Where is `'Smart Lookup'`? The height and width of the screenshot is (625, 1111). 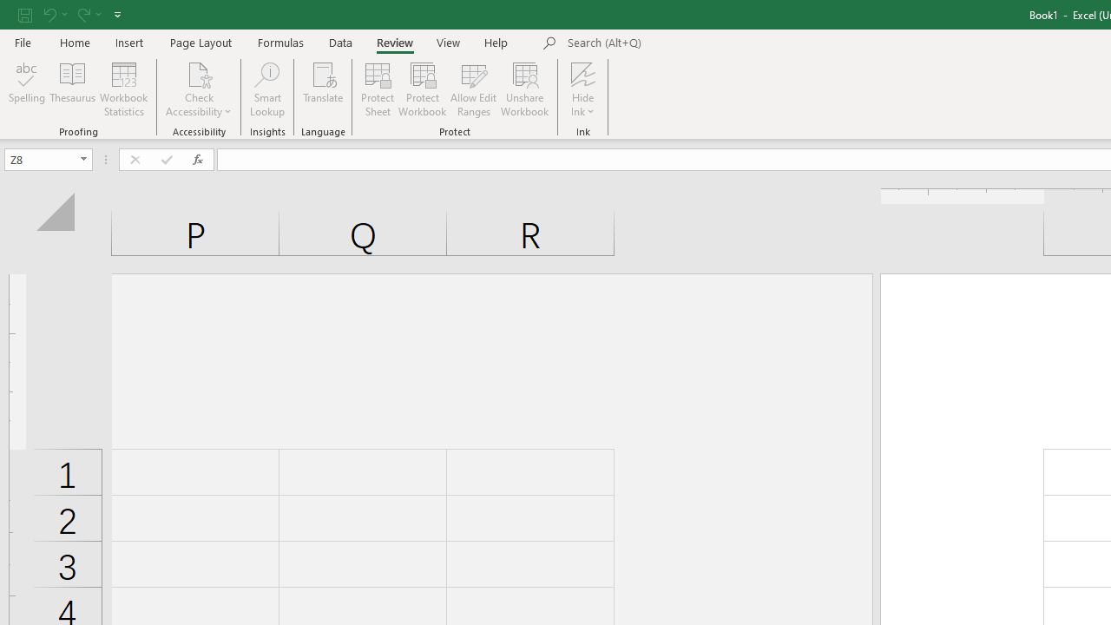 'Smart Lookup' is located at coordinates (266, 89).